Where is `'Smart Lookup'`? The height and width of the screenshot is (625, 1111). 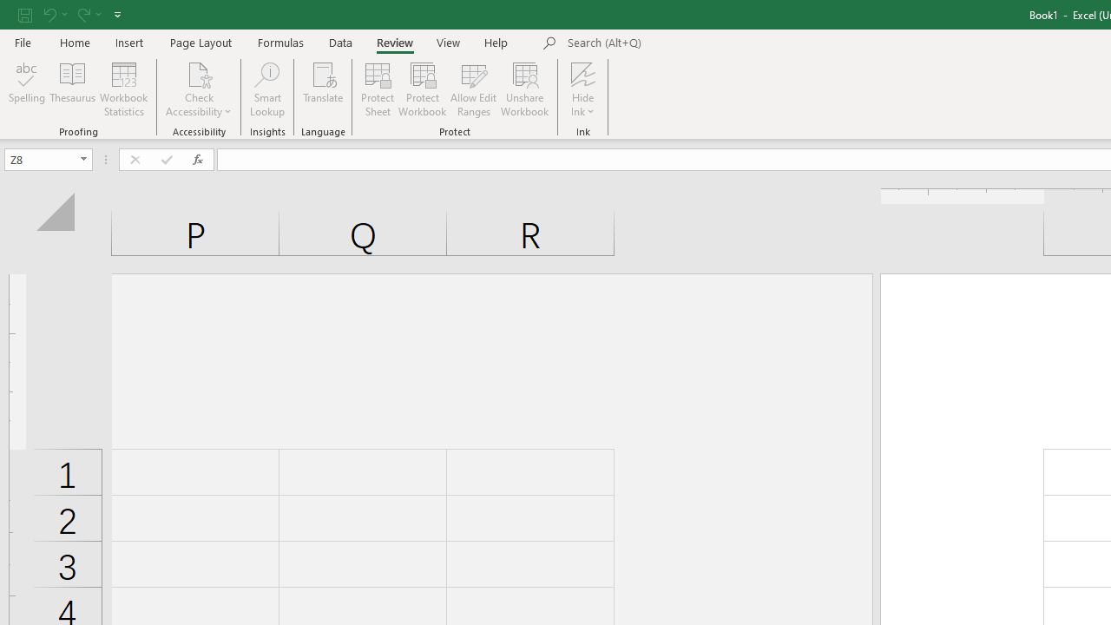 'Smart Lookup' is located at coordinates (266, 89).